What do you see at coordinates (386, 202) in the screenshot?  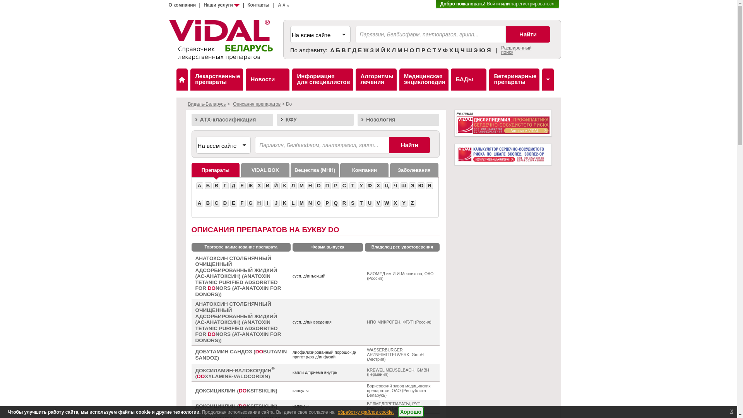 I see `'W'` at bounding box center [386, 202].